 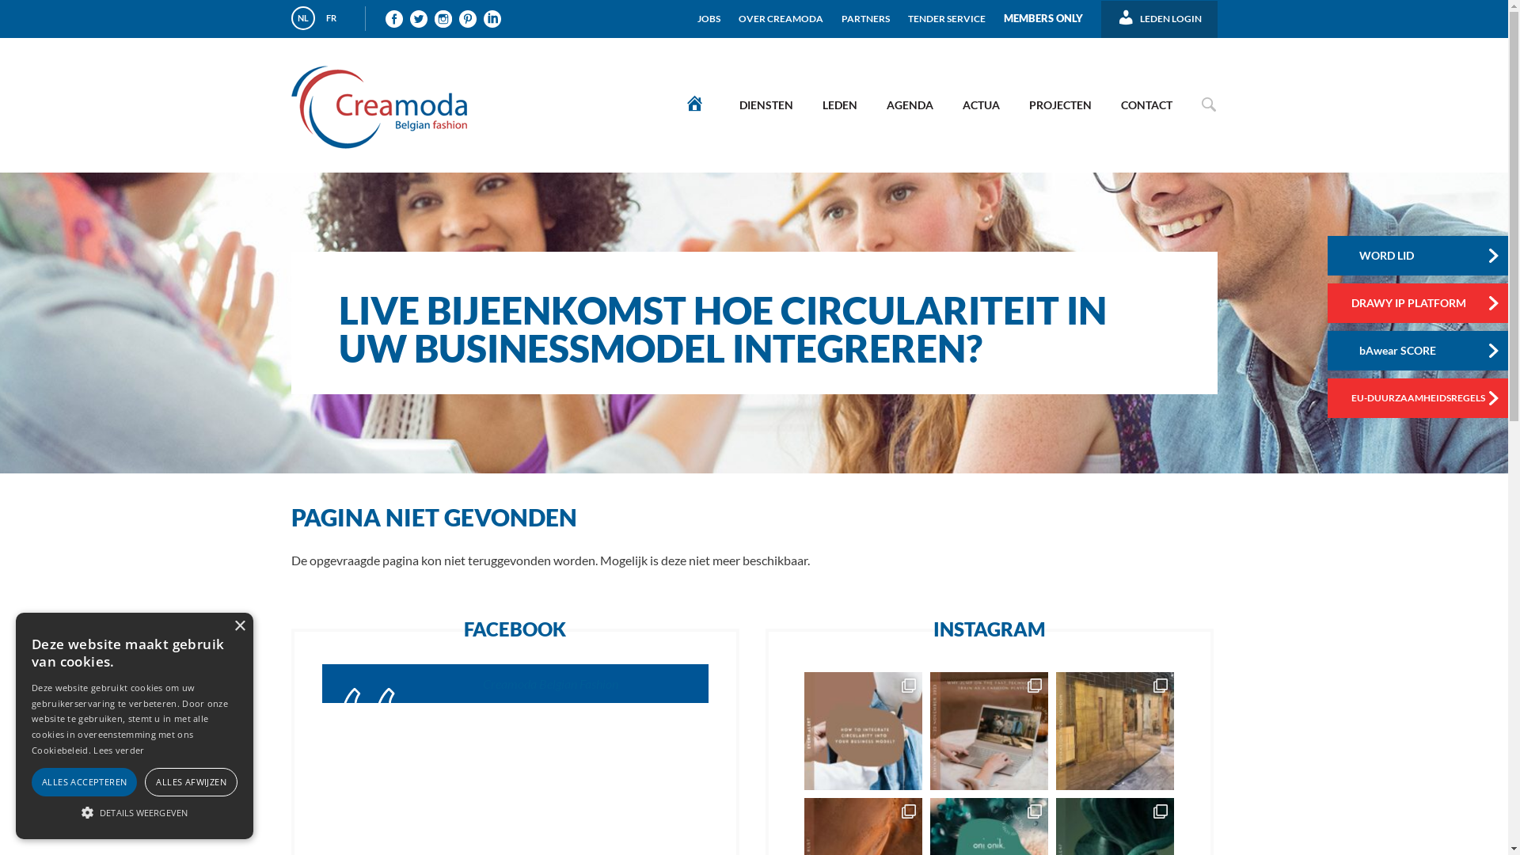 What do you see at coordinates (1420, 302) in the screenshot?
I see `'DRAWY IP PLATFORM'` at bounding box center [1420, 302].